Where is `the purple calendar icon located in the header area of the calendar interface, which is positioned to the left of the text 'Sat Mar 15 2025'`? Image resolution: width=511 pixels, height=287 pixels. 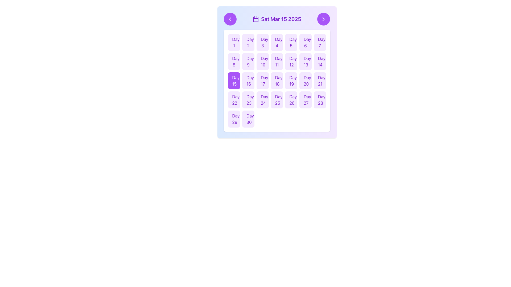
the purple calendar icon located in the header area of the calendar interface, which is positioned to the left of the text 'Sat Mar 15 2025' is located at coordinates (256, 19).